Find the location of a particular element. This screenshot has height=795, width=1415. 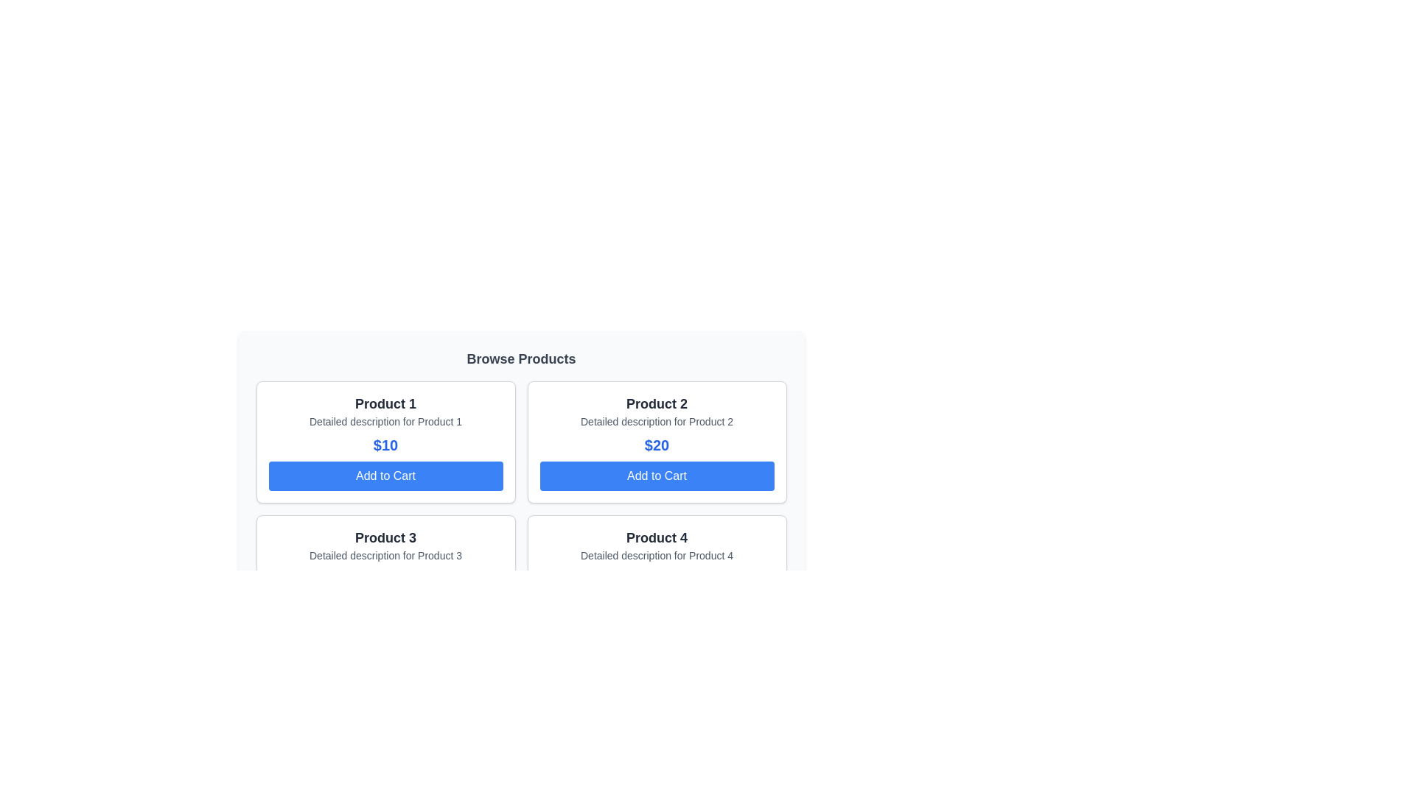

the text display element that shows '$10' in large, blue, bold font, located within a bordered rectangular card, below 'Detailed description for Product 1' and above the 'Add to Cart' button is located at coordinates (385, 445).